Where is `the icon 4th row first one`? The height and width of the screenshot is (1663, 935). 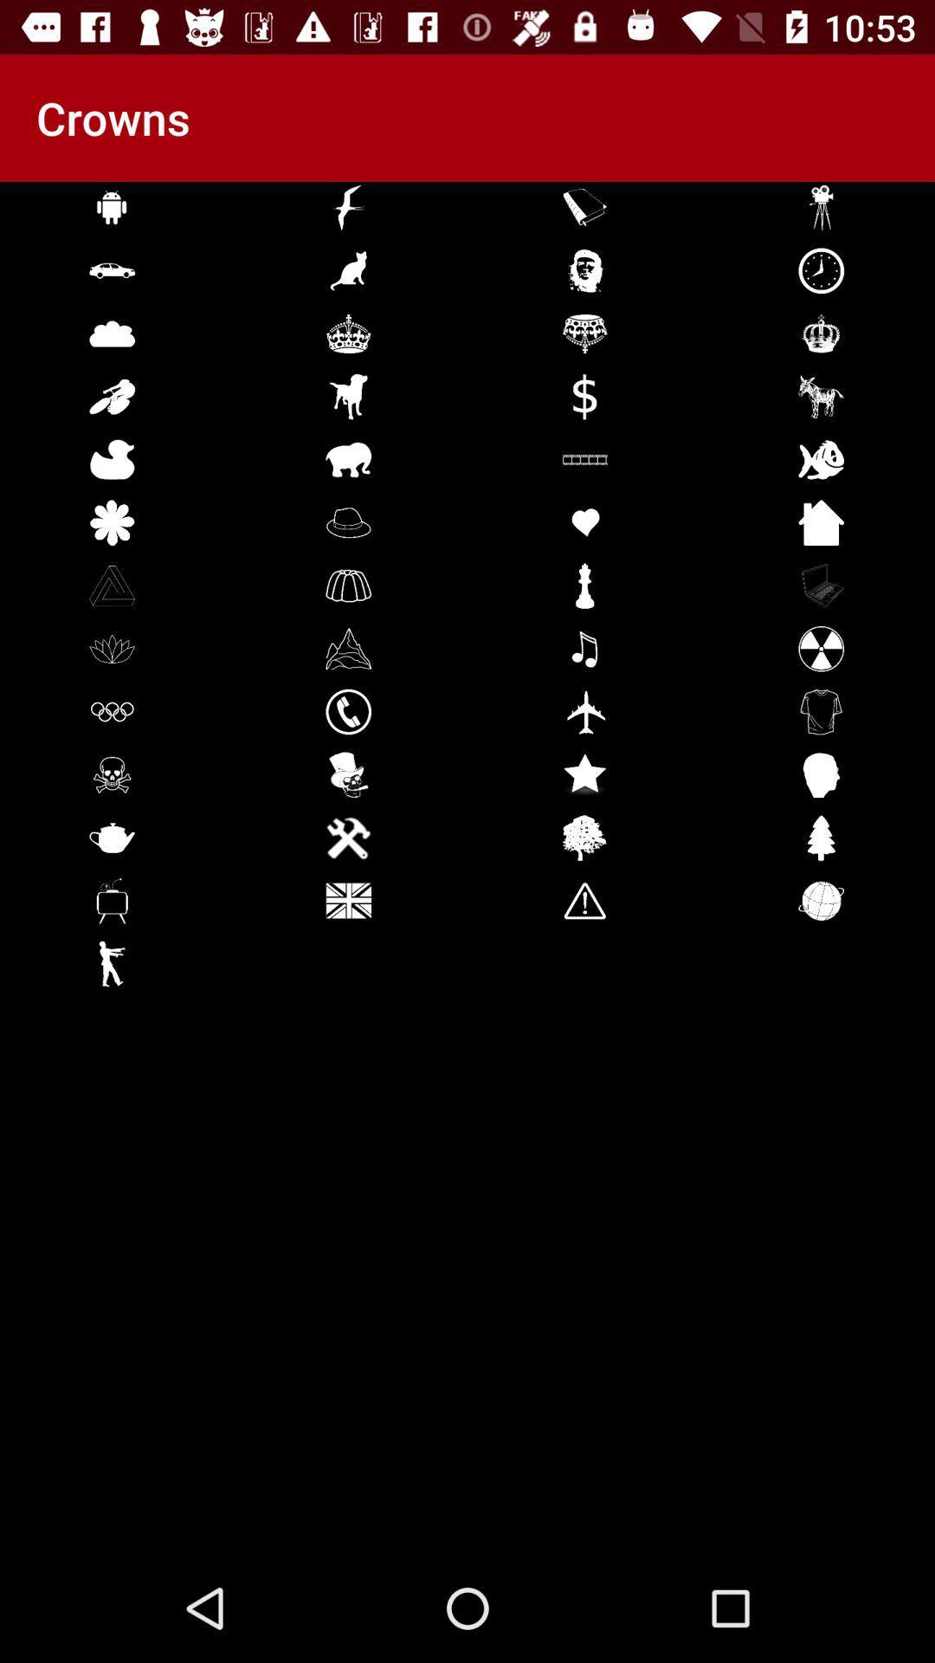 the icon 4th row first one is located at coordinates (113, 395).